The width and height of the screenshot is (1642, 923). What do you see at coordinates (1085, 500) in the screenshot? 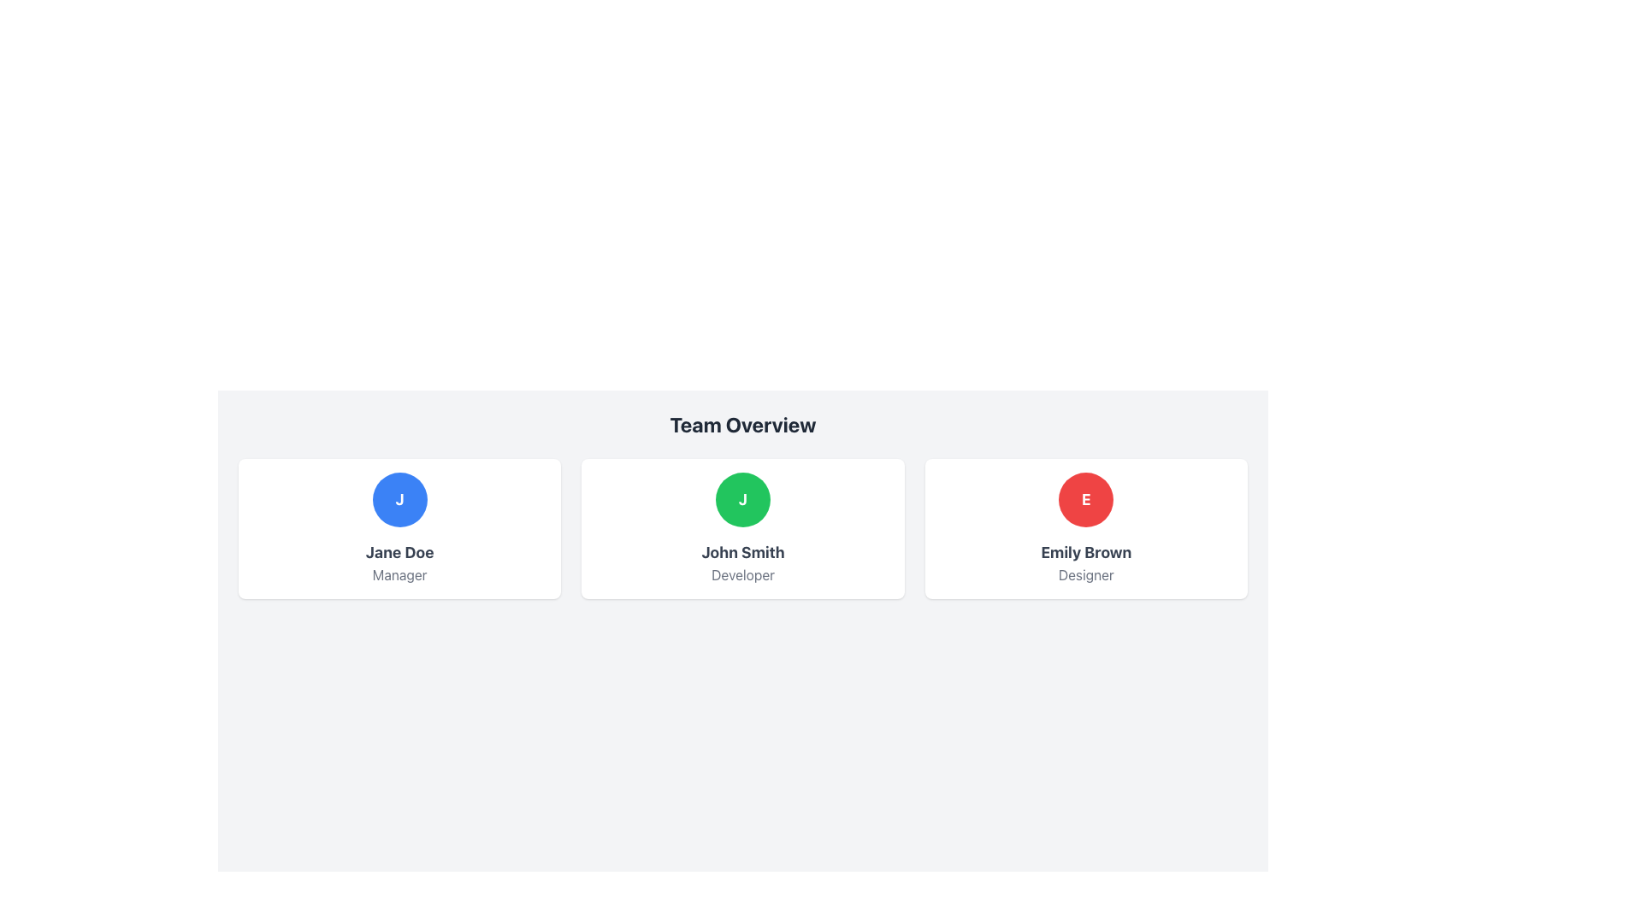
I see `the Circular Icon representing the user 'Emily Brown', which serves as a visual identifier associated with her initials, located at the top center of the card above her name and role` at bounding box center [1085, 500].